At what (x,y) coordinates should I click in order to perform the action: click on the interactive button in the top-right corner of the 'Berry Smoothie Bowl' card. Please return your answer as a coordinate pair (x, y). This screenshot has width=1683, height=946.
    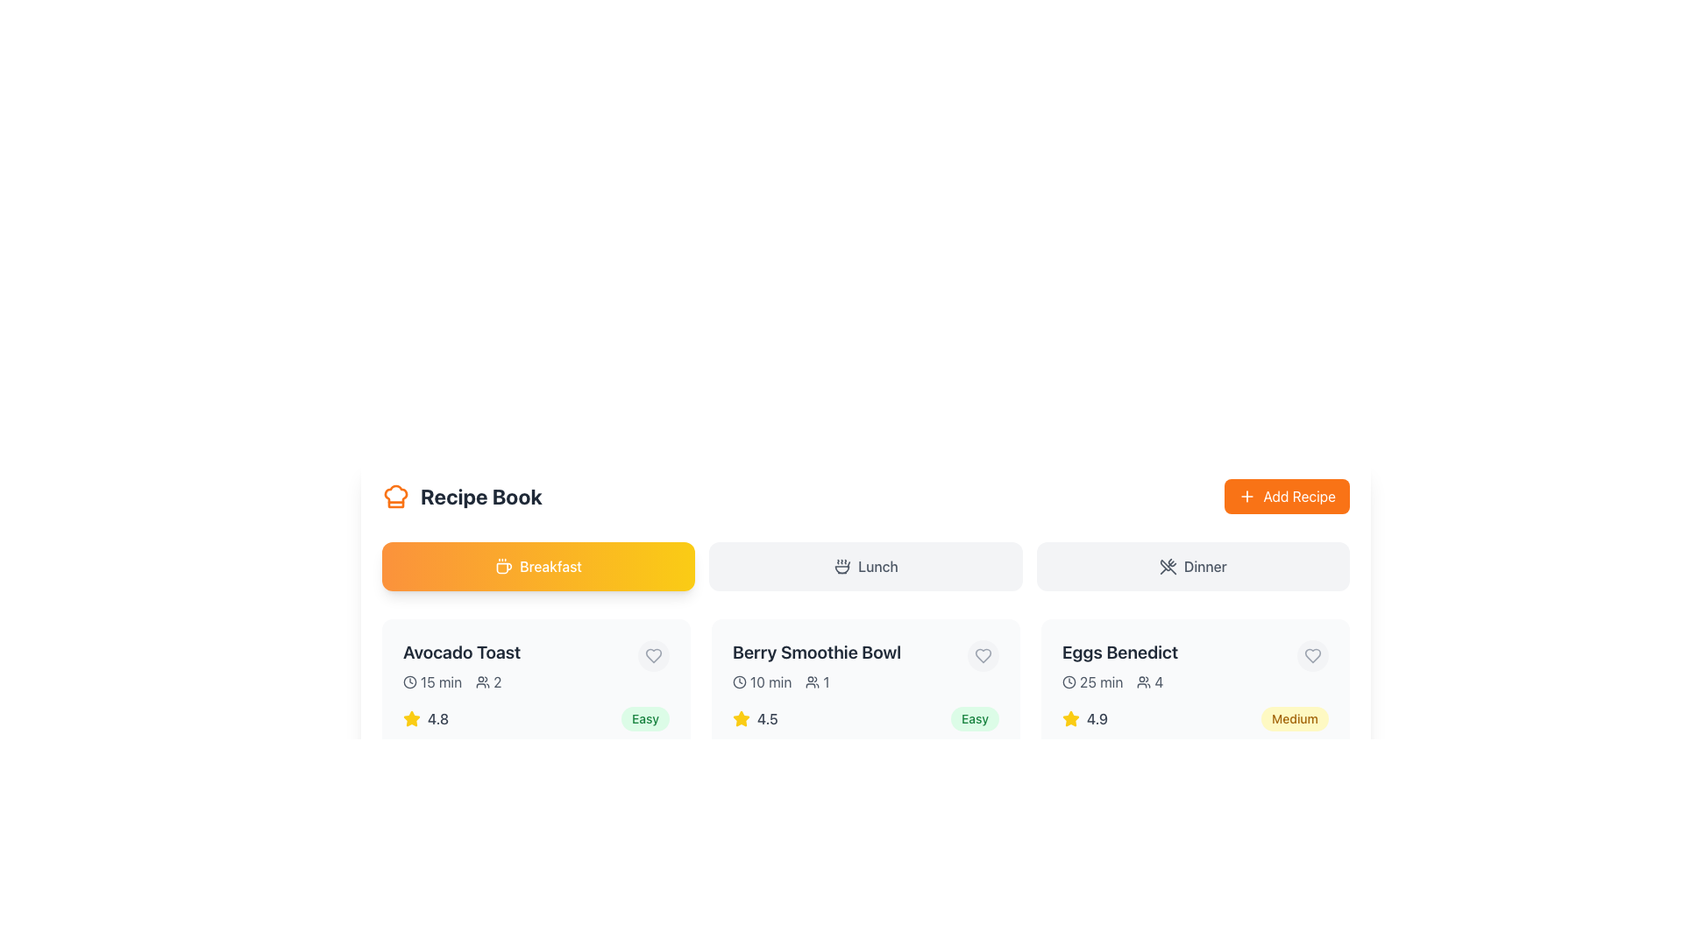
    Looking at the image, I should click on (984, 655).